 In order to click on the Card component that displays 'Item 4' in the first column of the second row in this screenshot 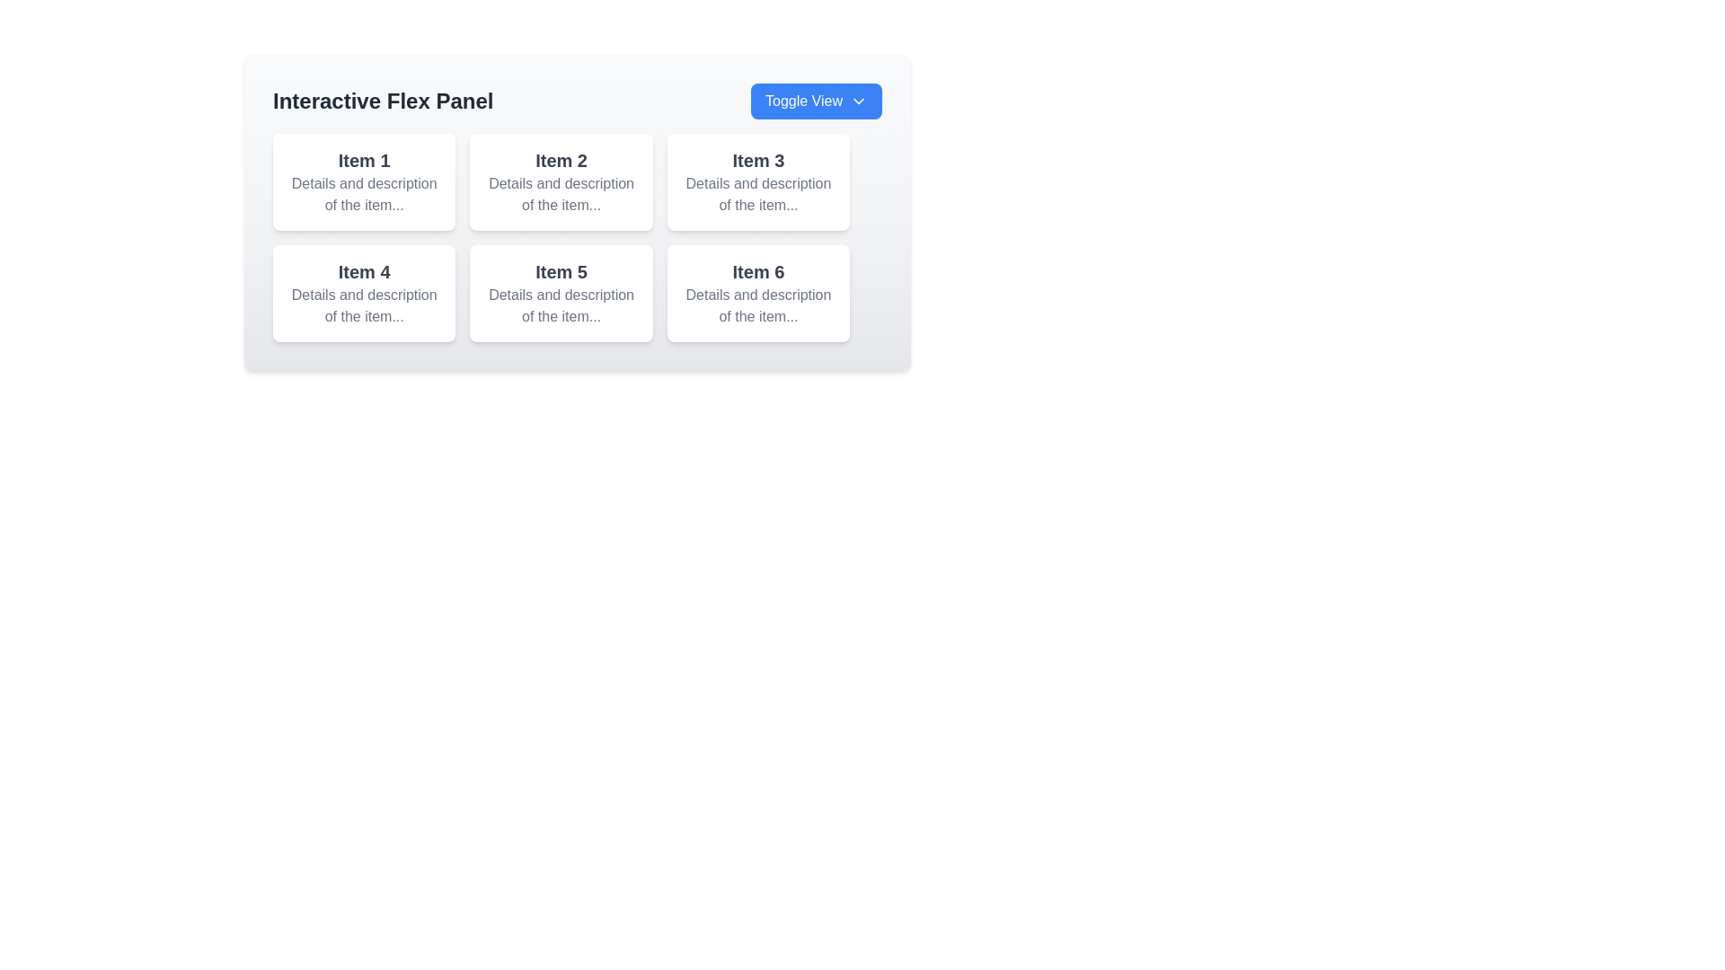, I will do `click(363, 293)`.